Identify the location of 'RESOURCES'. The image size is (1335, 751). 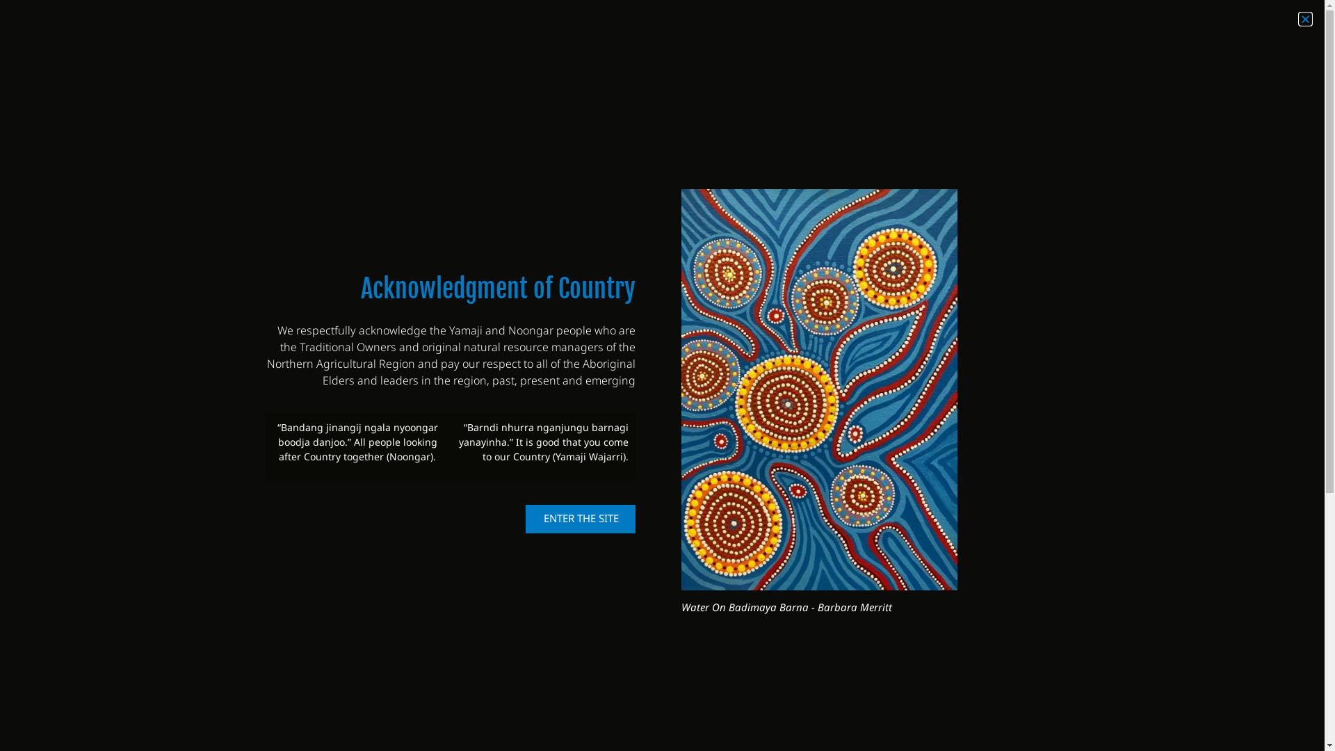
(1032, 72).